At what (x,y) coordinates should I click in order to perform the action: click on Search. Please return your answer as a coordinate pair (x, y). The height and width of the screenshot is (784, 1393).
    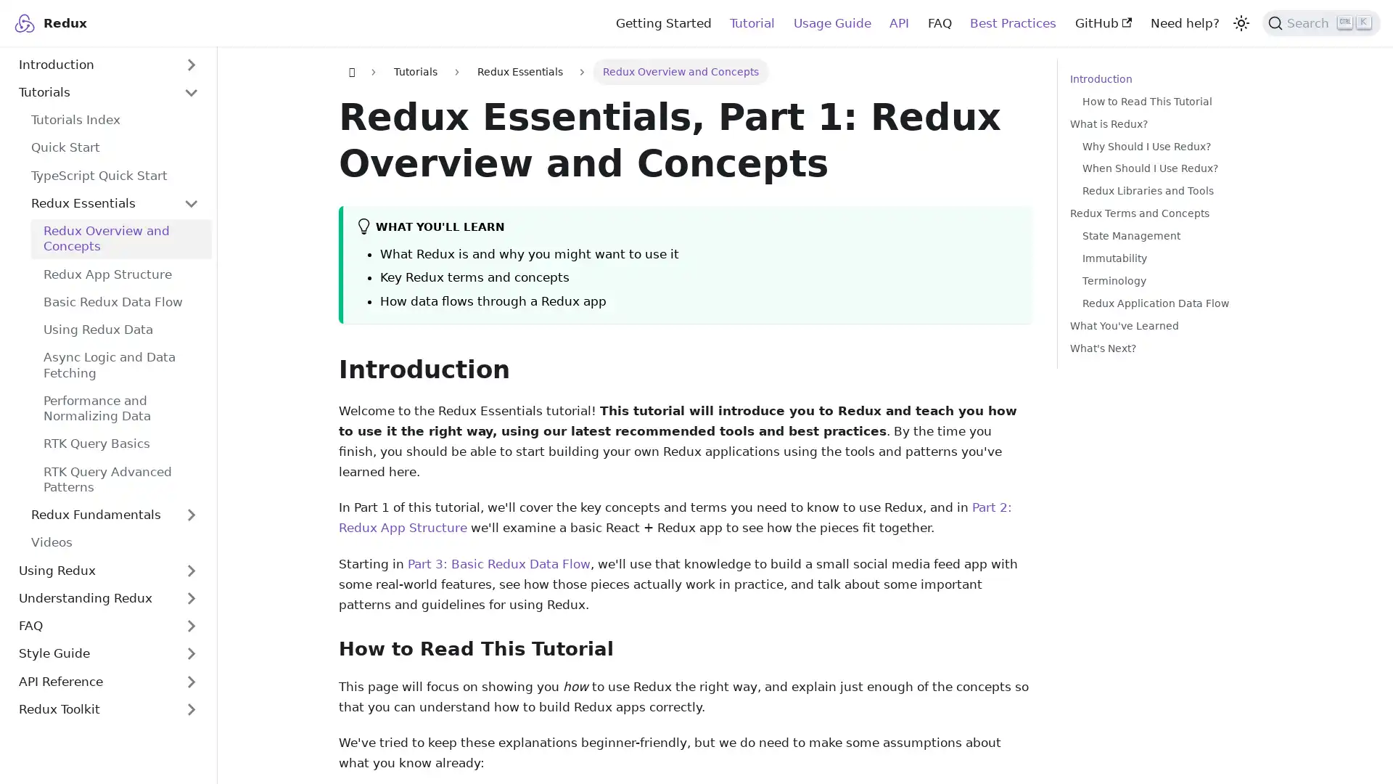
    Looking at the image, I should click on (1321, 22).